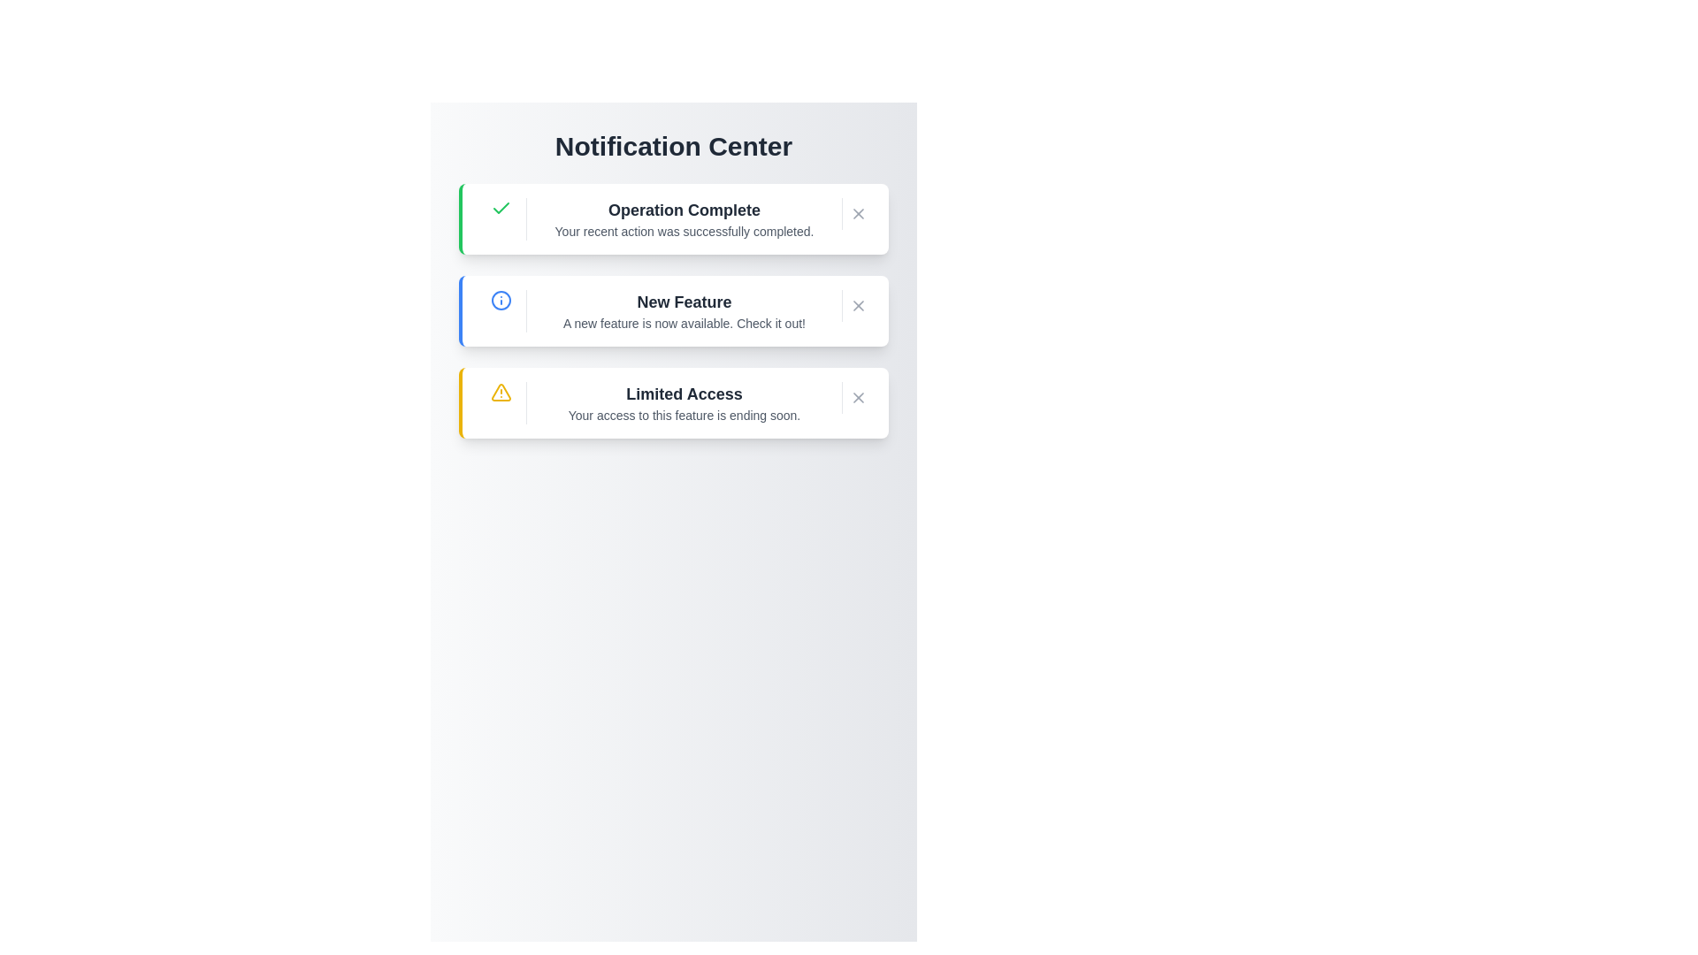  What do you see at coordinates (858, 305) in the screenshot?
I see `the close button (X icon) on the right side of the 'New Feature' notification` at bounding box center [858, 305].